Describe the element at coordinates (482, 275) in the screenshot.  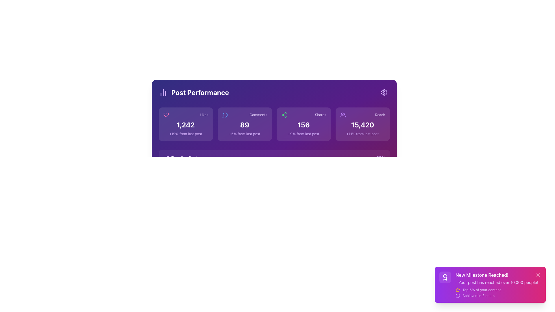
I see `the primary text label within the notification card located at the bottom-right corner of the interface, which informs the user of a notable accomplishment or progress` at that location.